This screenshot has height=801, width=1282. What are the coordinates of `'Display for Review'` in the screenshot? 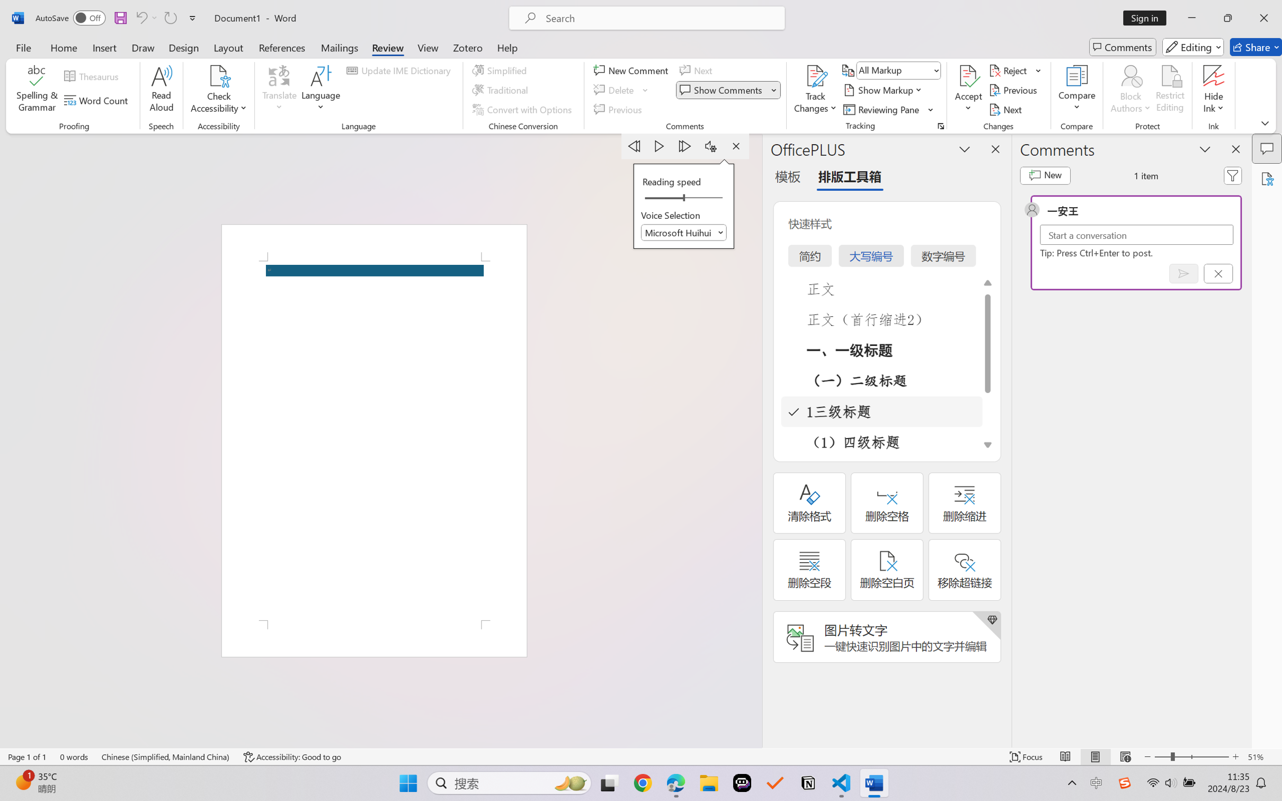 It's located at (898, 69).